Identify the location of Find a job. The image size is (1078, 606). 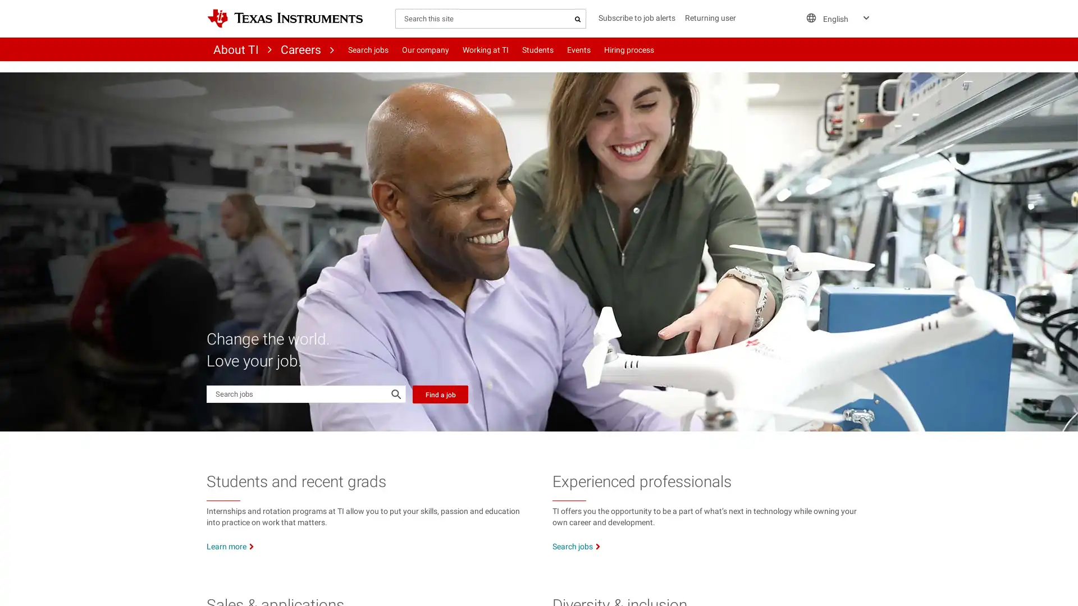
(440, 393).